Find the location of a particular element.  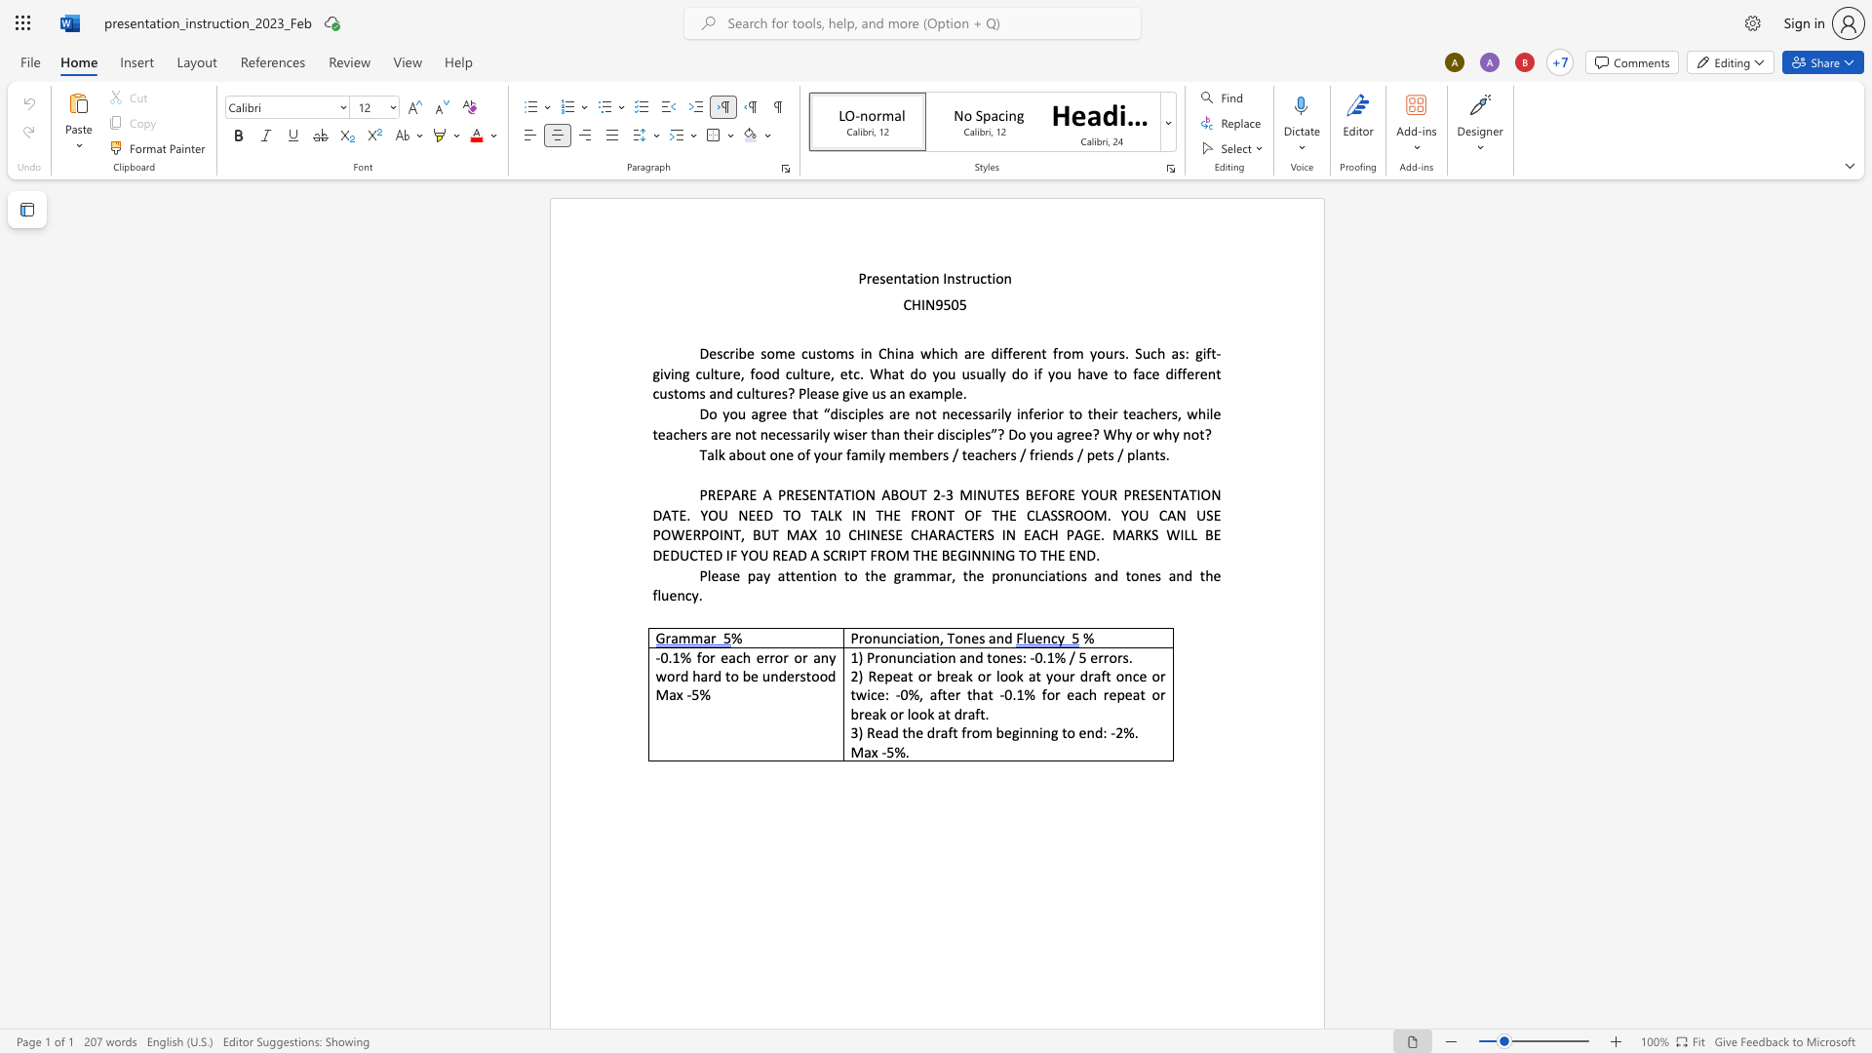

the space between the continuous character "”" and "?" in the text is located at coordinates (997, 433).